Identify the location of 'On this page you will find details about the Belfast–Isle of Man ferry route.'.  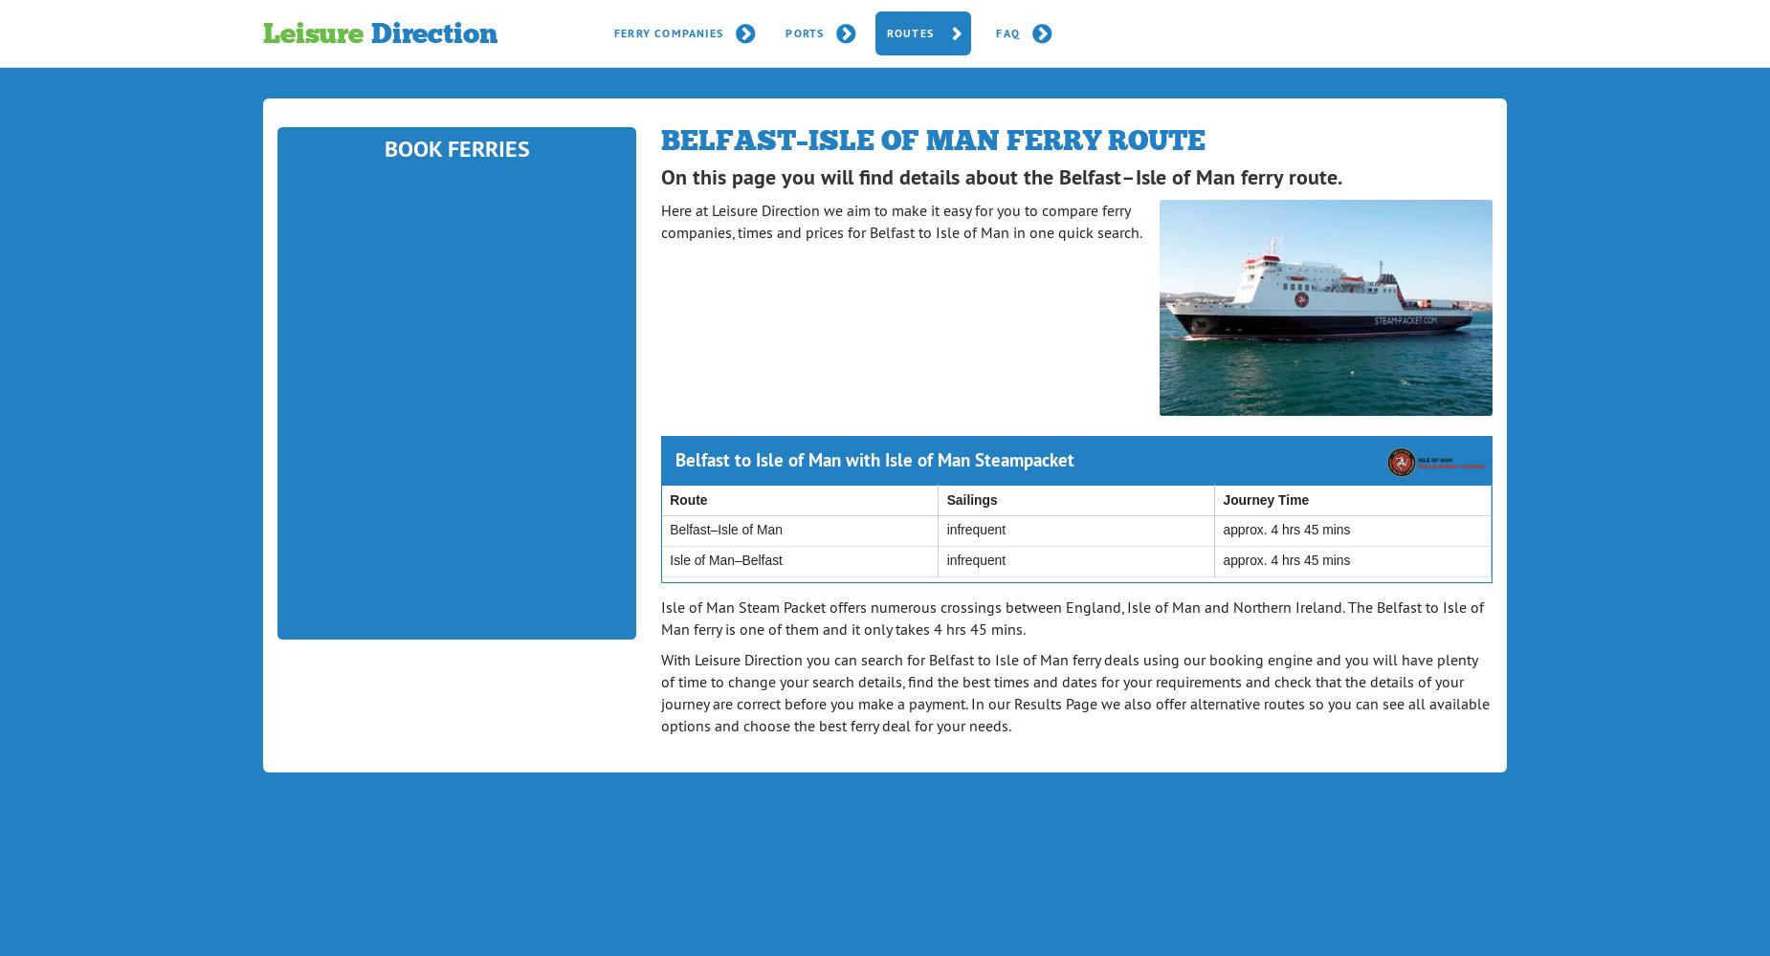
(1000, 177).